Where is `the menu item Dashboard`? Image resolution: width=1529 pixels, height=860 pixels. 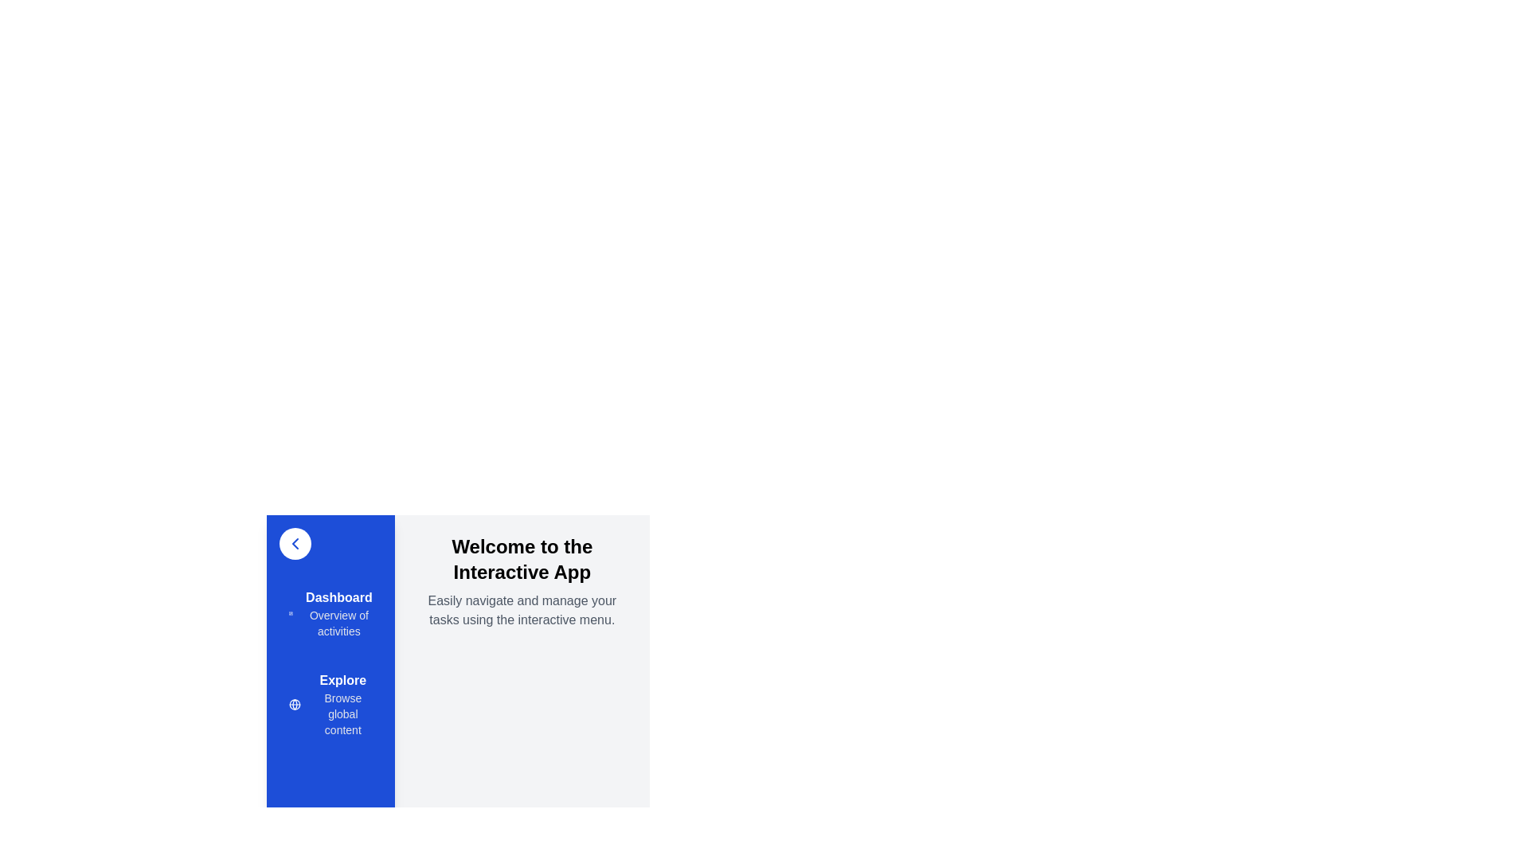
the menu item Dashboard is located at coordinates (329, 613).